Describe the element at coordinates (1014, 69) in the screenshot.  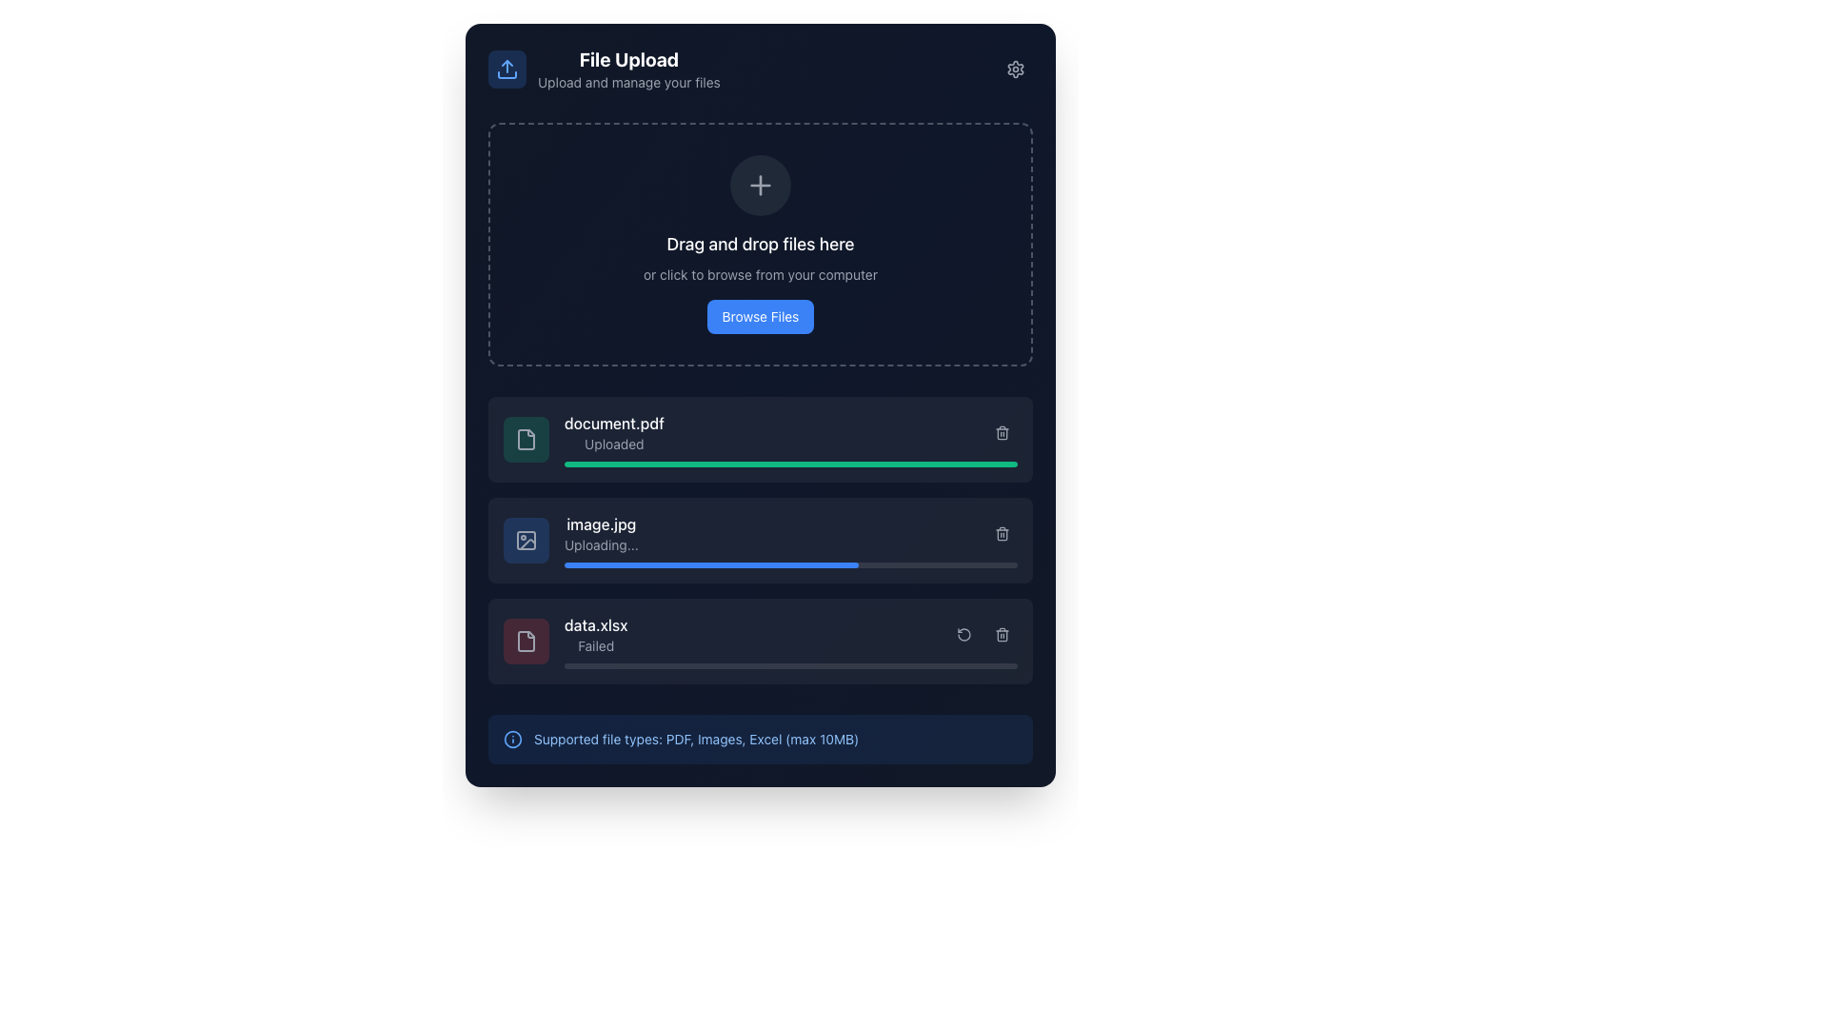
I see `the Settings icon button, which is a circular cog icon with a gray outline located in the top-right corner adjacent to the 'File Upload' header` at that location.